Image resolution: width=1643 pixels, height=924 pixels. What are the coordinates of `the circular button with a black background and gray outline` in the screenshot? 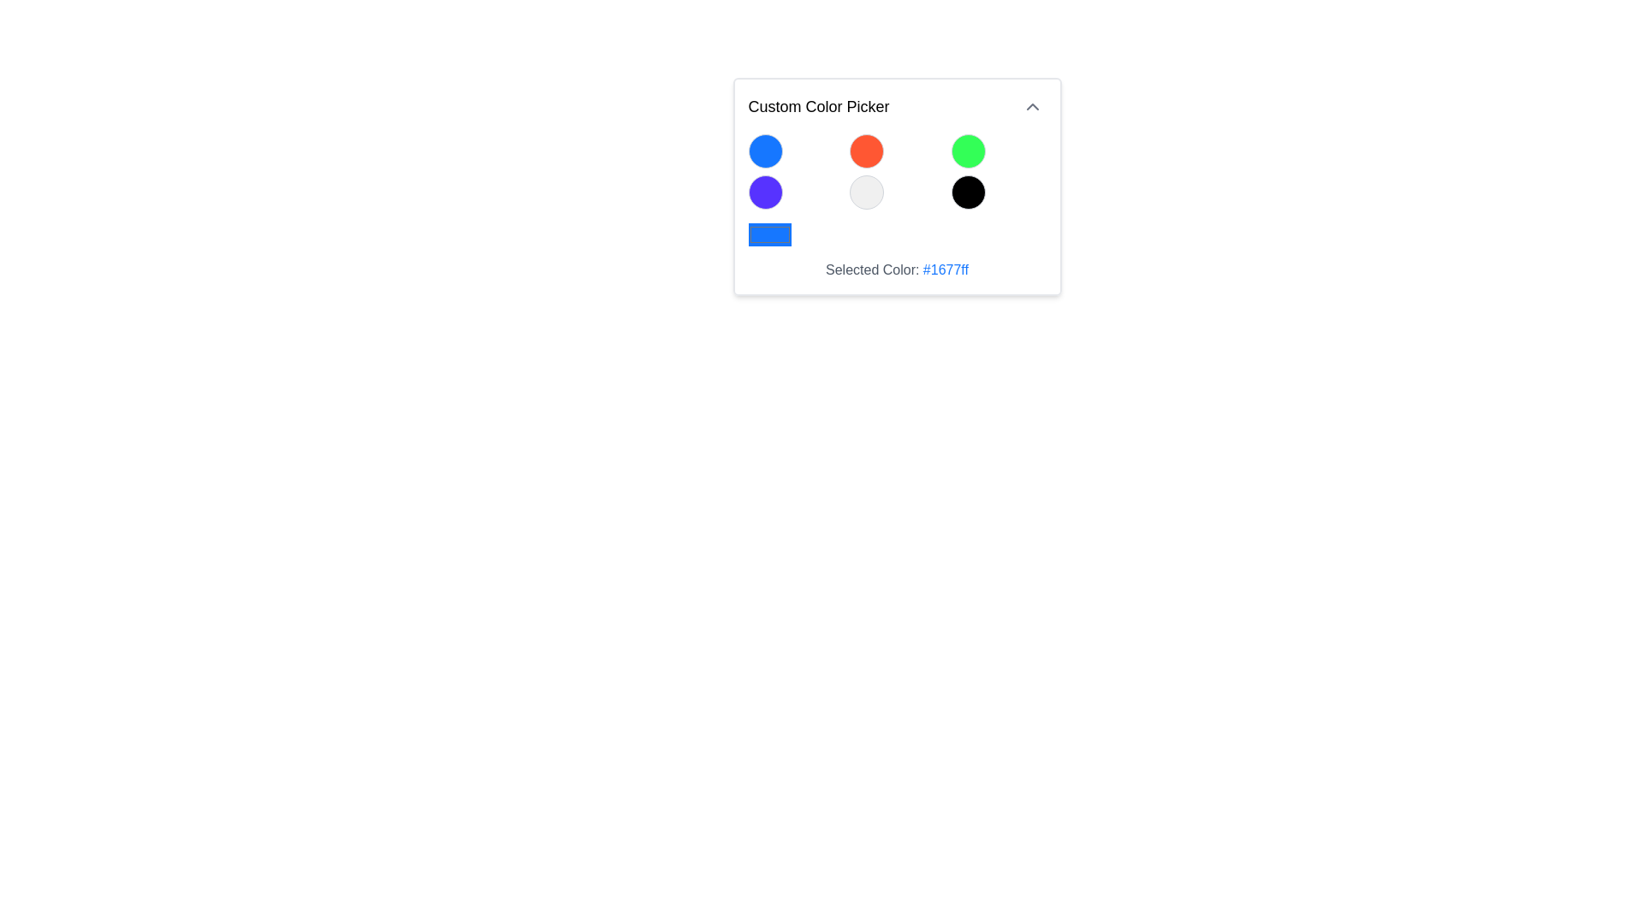 It's located at (968, 192).